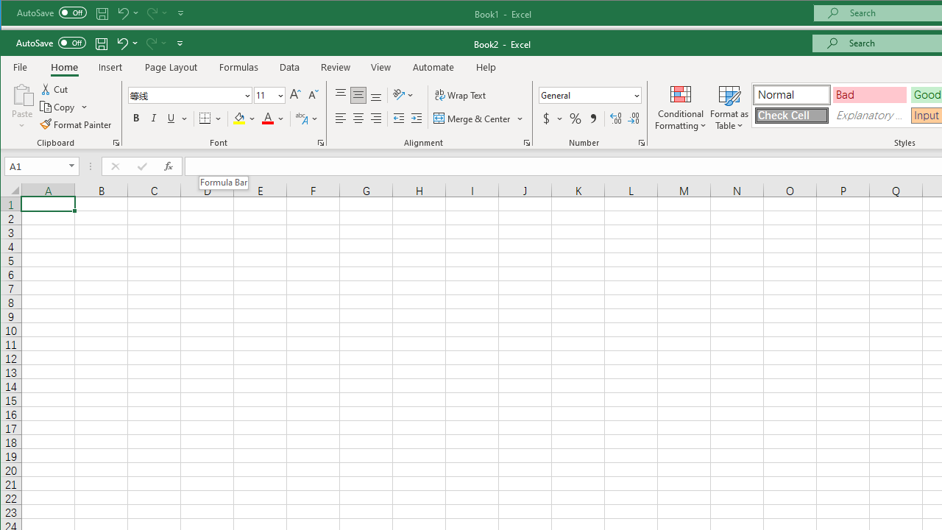 Image resolution: width=942 pixels, height=530 pixels. Describe the element at coordinates (294, 95) in the screenshot. I see `'Increase Font Size'` at that location.